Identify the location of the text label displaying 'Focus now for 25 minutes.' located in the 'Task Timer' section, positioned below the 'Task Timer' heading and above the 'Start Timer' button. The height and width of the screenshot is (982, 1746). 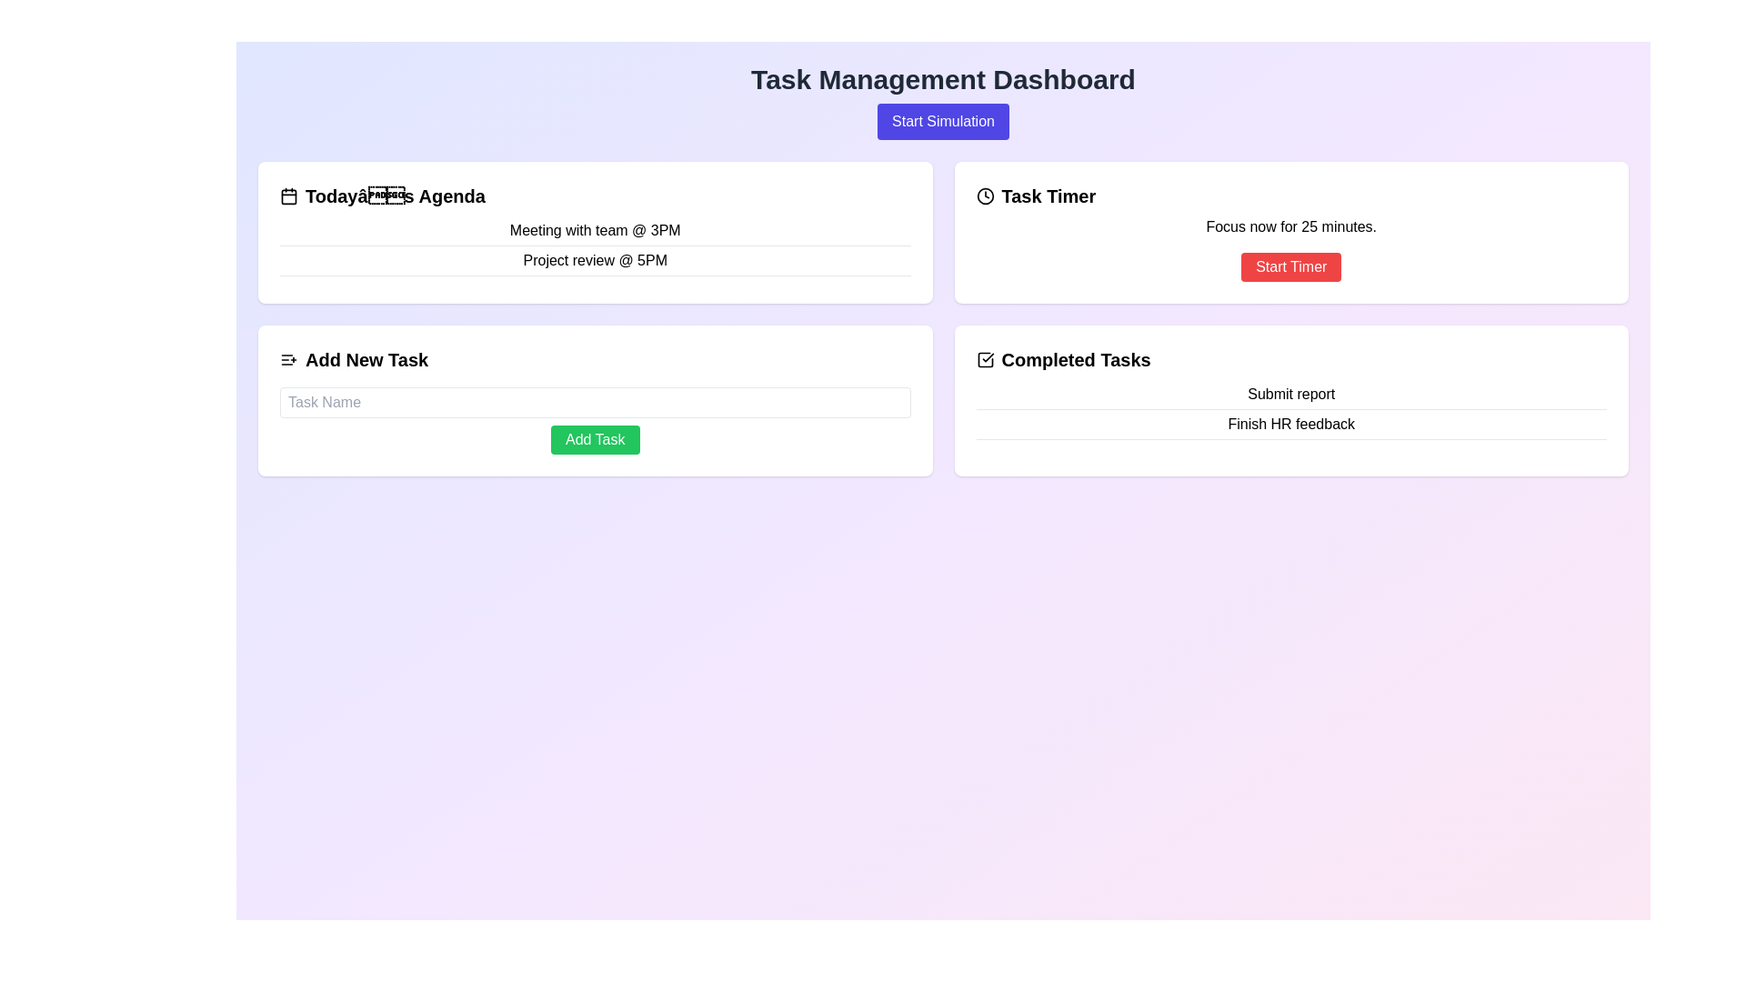
(1290, 226).